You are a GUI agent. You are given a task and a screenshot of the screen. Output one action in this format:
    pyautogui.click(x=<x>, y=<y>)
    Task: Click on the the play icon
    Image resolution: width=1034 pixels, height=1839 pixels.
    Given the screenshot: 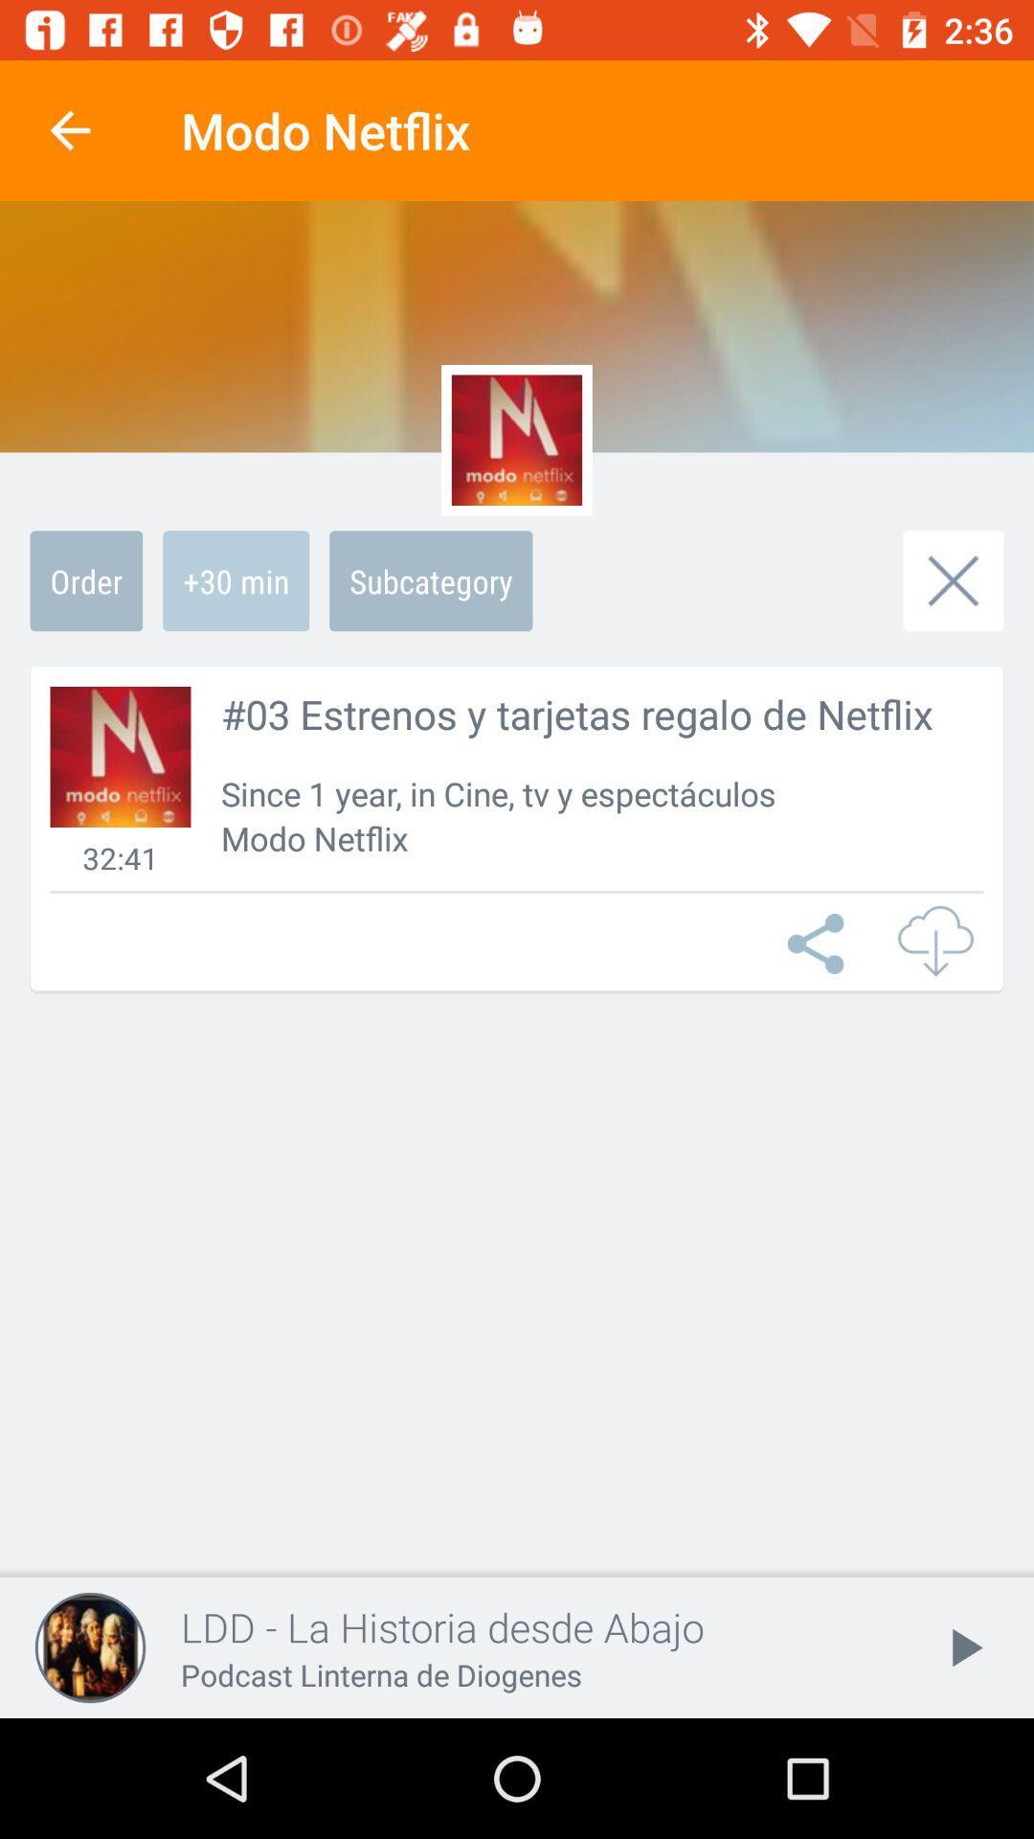 What is the action you would take?
    pyautogui.click(x=963, y=1646)
    